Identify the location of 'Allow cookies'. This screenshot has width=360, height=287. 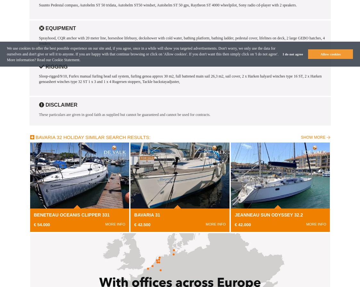
(331, 54).